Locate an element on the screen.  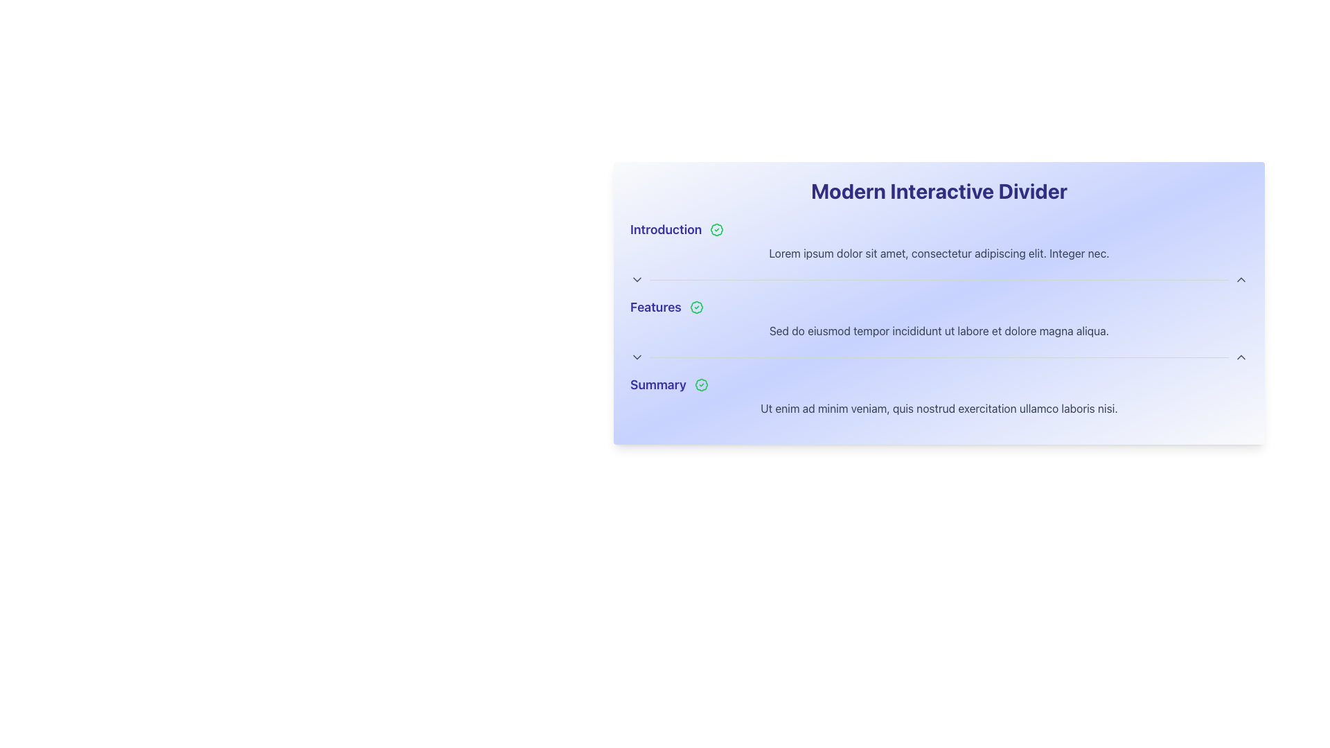
the green badge icon with a check mark located next to the 'Summary' label in the third item of the vertical list is located at coordinates (701, 384).